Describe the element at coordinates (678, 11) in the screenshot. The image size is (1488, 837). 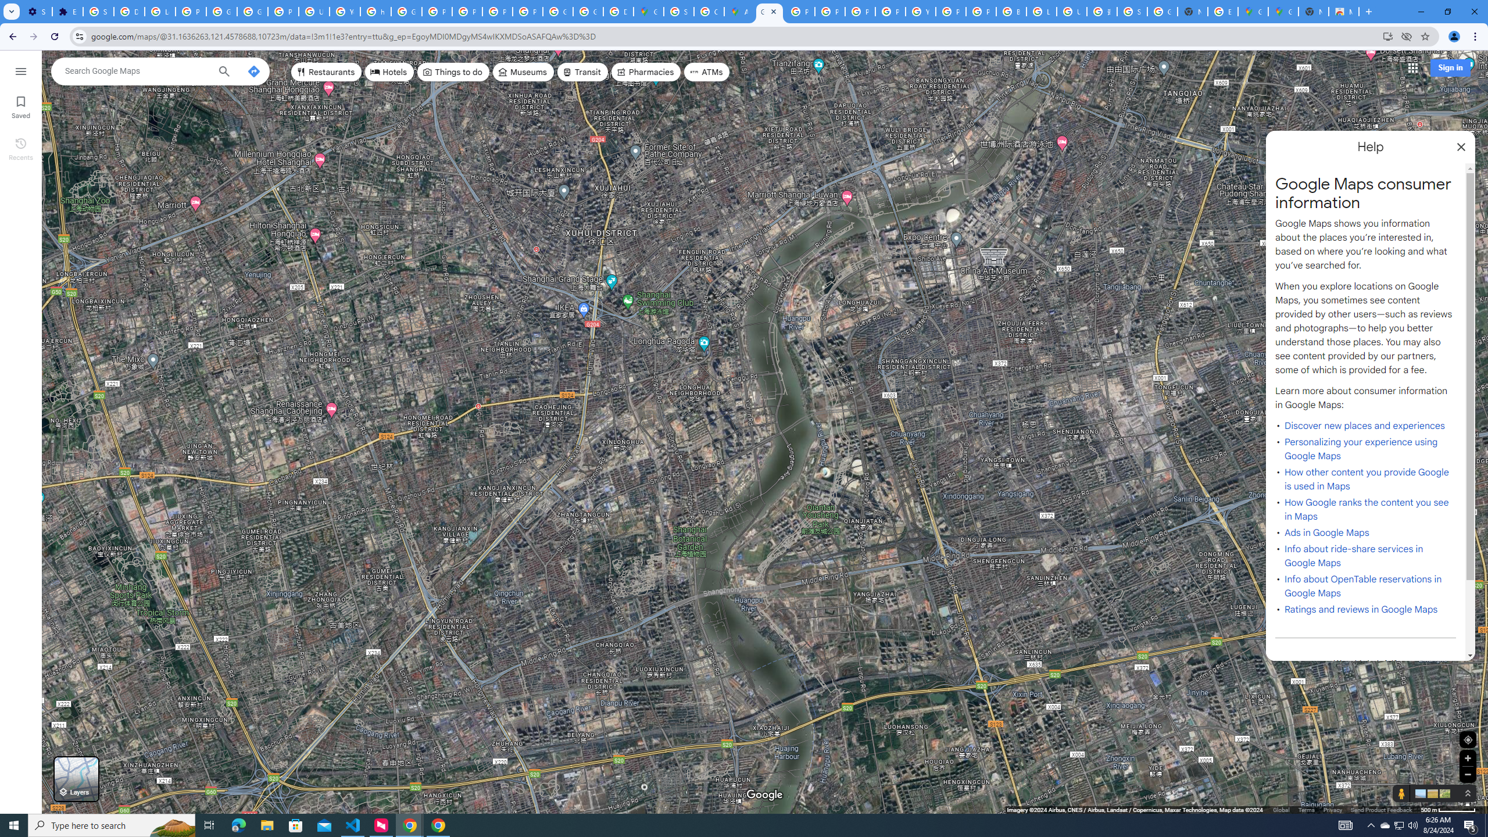
I see `'Sign in - Google Accounts'` at that location.